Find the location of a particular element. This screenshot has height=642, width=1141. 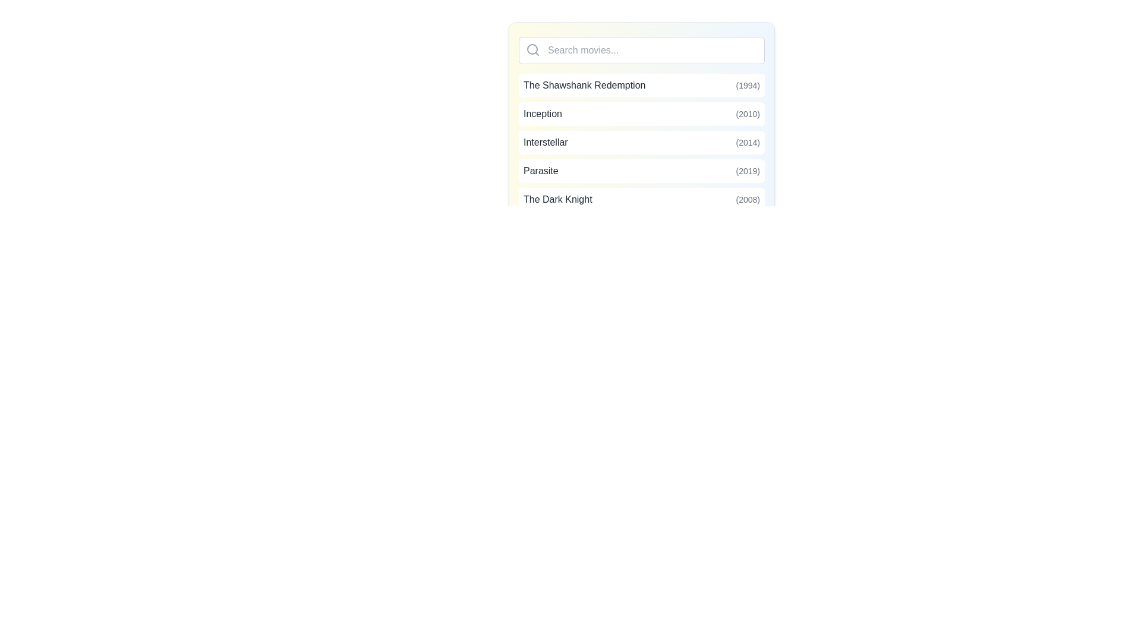

the movie title text label located in the second row of the movie list, which serves as a textual identifier for the associated movie is located at coordinates (542, 114).